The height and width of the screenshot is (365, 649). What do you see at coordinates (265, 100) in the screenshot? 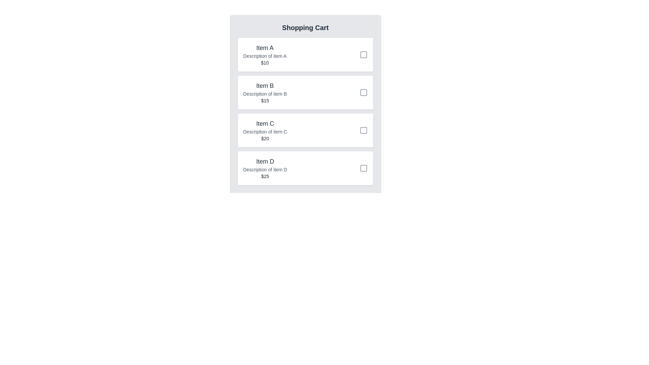
I see `the static text label displaying the price '$15', located below the description of 'Item B' and above the checkbox component` at bounding box center [265, 100].